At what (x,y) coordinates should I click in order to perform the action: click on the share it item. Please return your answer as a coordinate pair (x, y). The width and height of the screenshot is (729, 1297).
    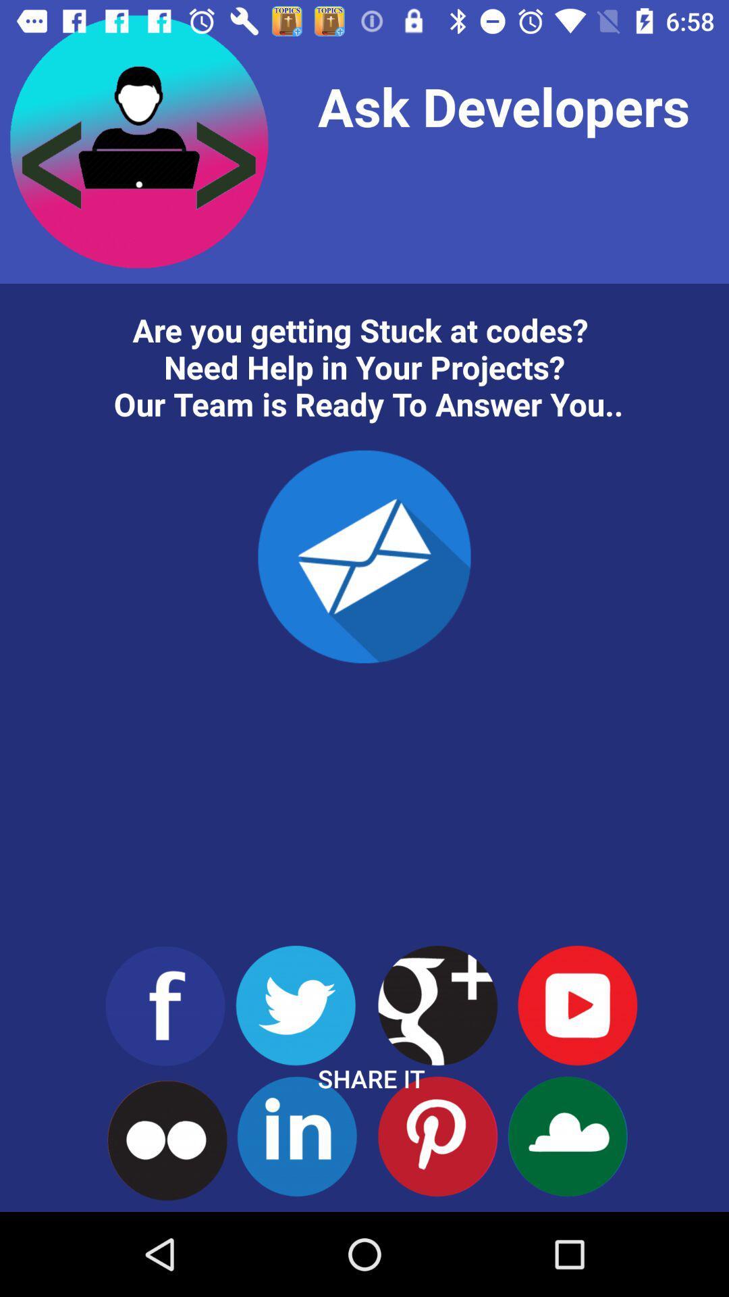
    Looking at the image, I should click on (371, 1078).